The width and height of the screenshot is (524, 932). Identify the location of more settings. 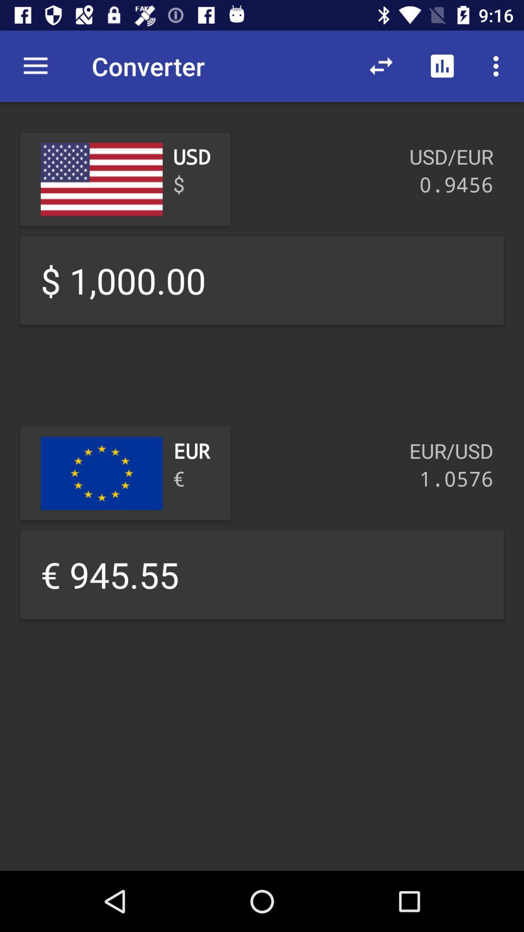
(498, 66).